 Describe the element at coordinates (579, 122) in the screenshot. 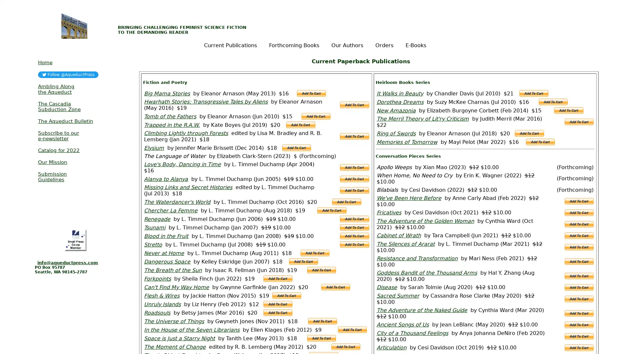

I see `Make payments with PayPal - it\'s fast, free and secure!` at that location.